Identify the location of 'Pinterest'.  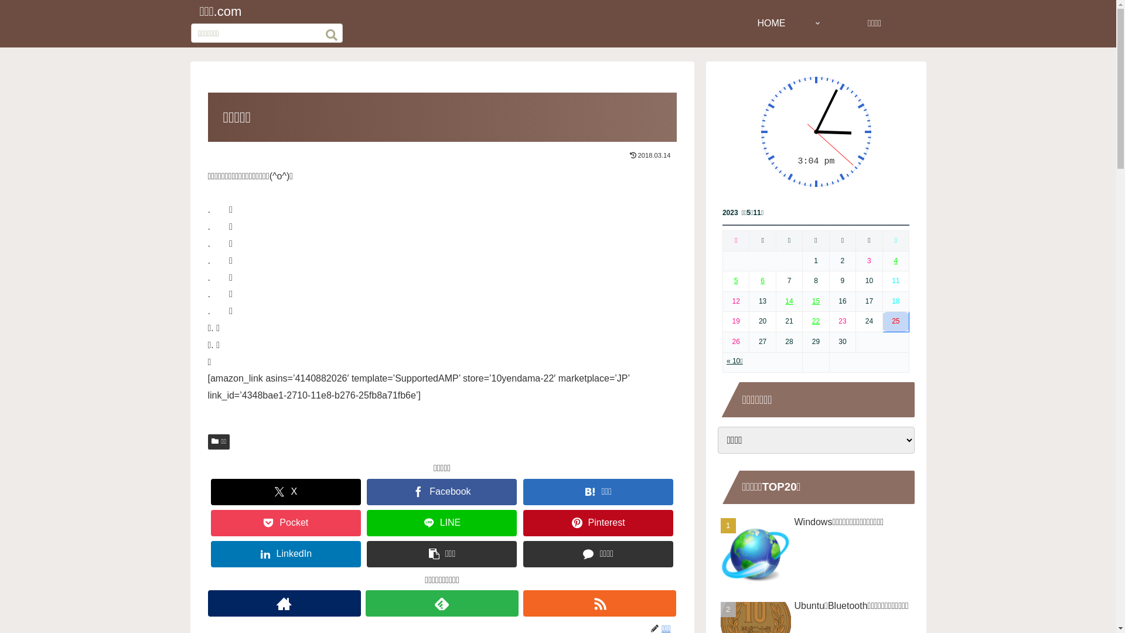
(598, 522).